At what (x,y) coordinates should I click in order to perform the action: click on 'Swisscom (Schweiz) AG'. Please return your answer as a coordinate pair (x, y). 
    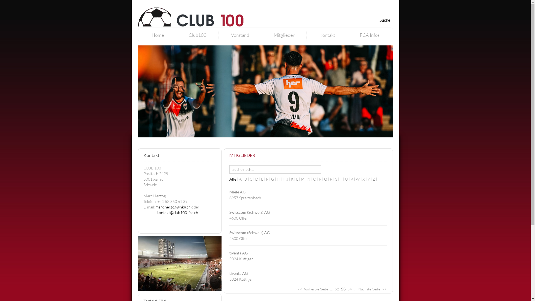
    Looking at the image, I should click on (249, 212).